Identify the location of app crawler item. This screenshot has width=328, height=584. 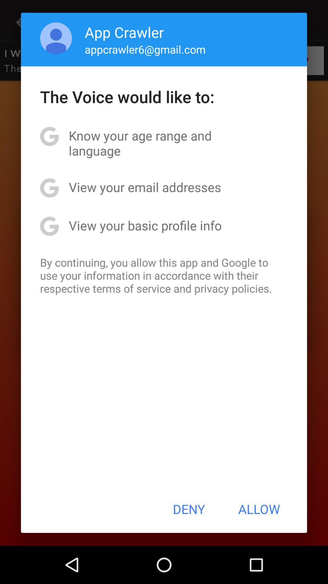
(124, 32).